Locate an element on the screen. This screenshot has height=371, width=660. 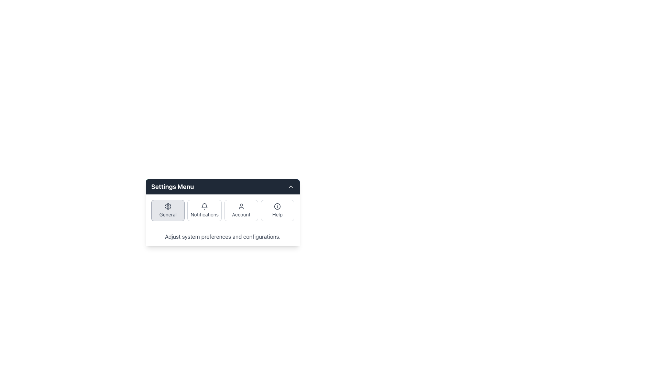
the 'Notifications' button, which is the second button from the left in a row of four options, to get additional information or visual feedback is located at coordinates (204, 210).